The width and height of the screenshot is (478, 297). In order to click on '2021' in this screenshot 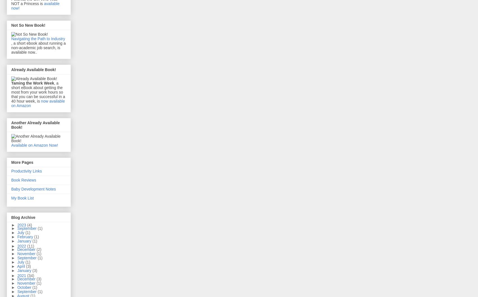, I will do `click(22, 276)`.